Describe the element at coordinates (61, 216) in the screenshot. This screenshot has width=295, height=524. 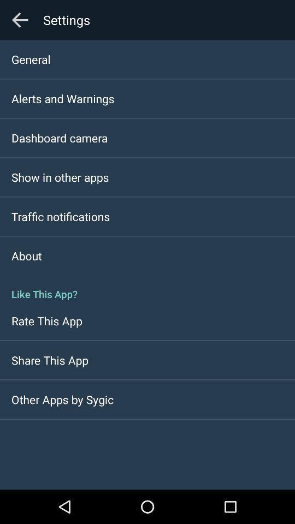
I see `app above the about` at that location.